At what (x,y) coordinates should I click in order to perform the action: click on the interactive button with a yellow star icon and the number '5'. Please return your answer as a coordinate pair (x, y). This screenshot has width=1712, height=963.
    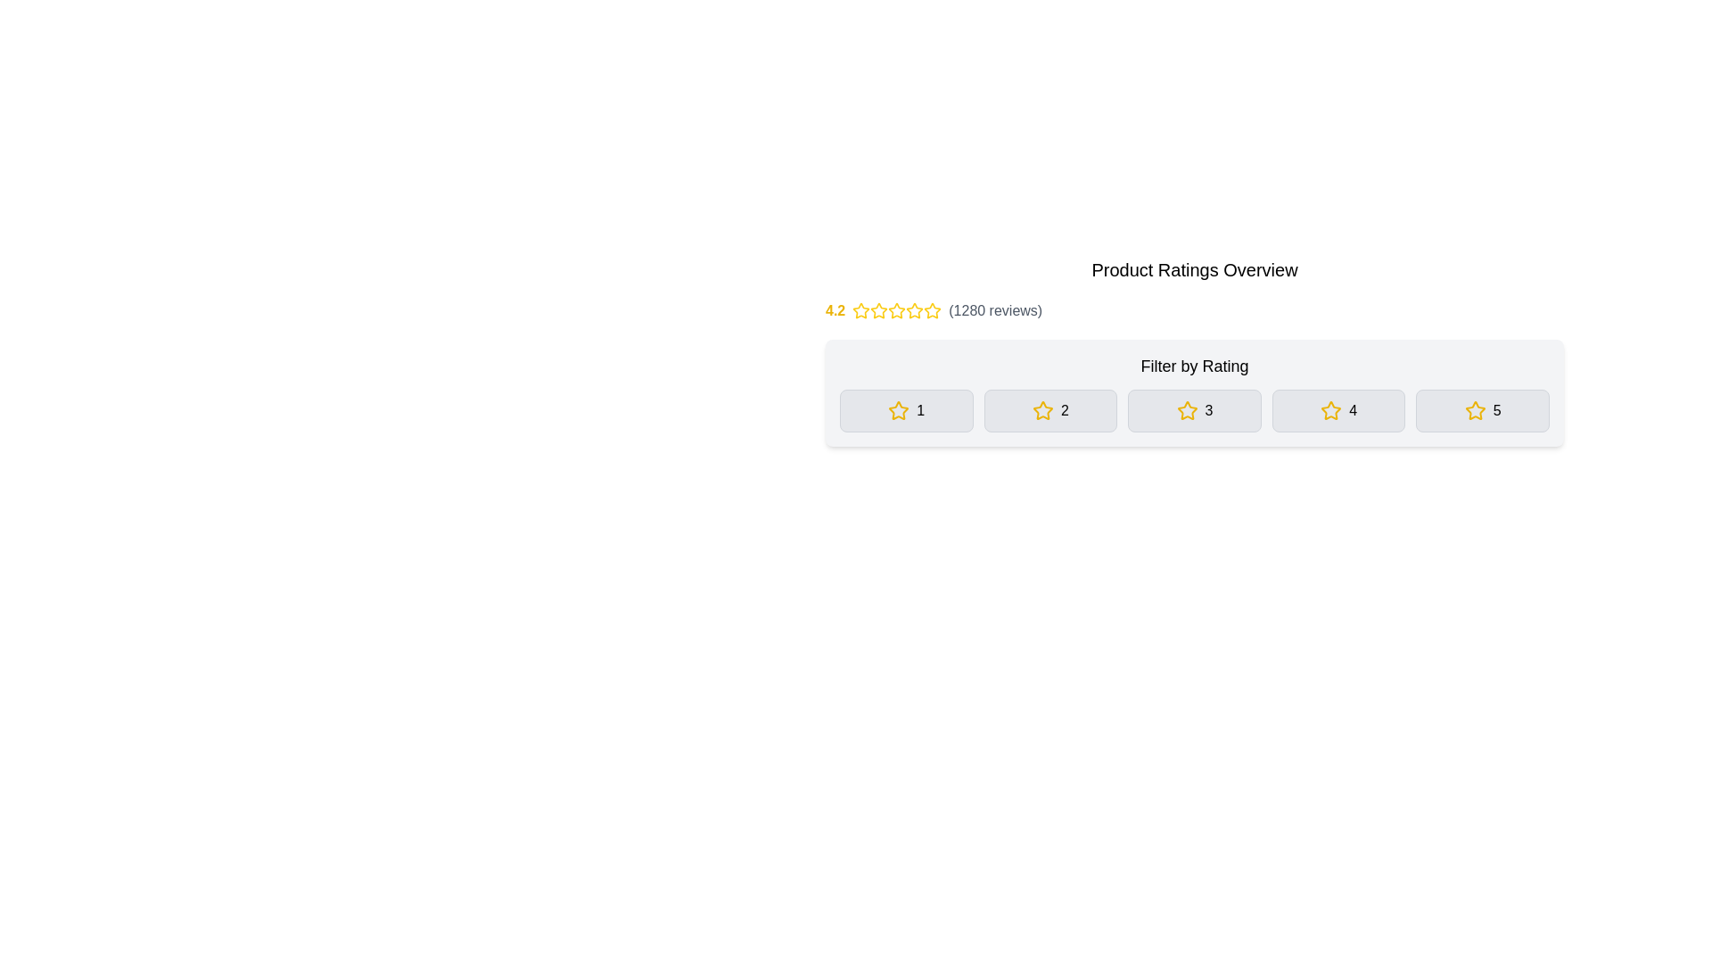
    Looking at the image, I should click on (1483, 411).